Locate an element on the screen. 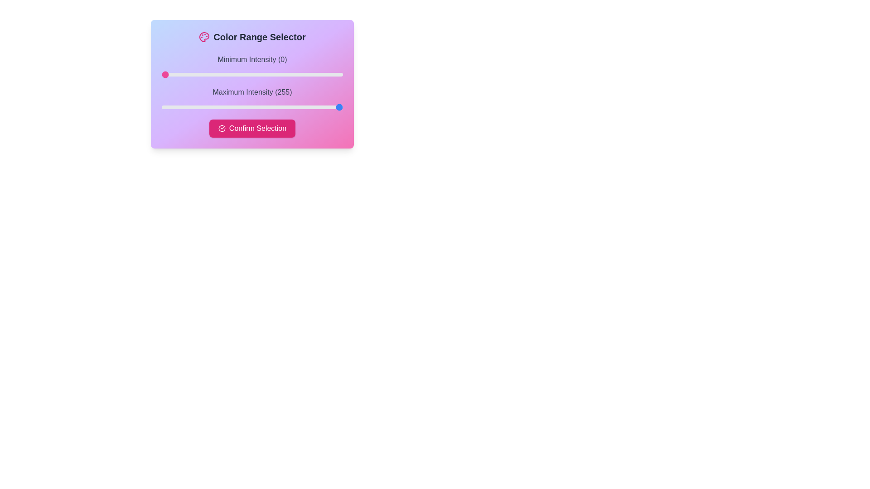 This screenshot has height=489, width=870. the 'Confirm Selection' button is located at coordinates (252, 129).